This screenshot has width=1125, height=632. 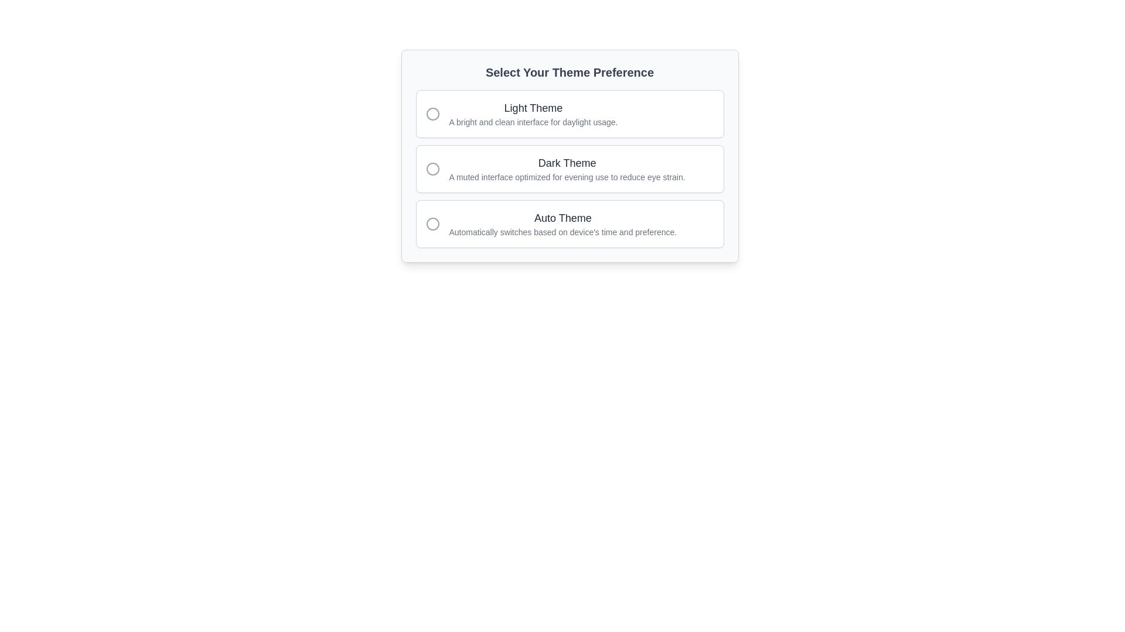 I want to click on the inner circle of the icon located under the 'Auto Theme' label in the third row of the theme selection options, so click(x=432, y=224).